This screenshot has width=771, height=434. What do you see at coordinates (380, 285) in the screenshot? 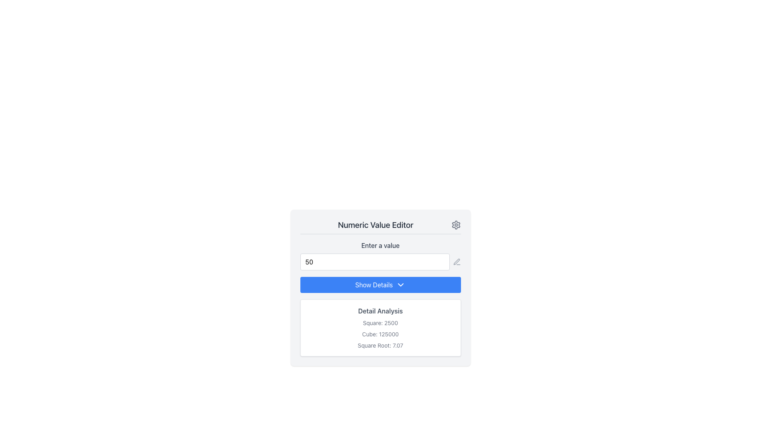
I see `the rectangular button with a blue background and white text reading 'Show Details'` at bounding box center [380, 285].